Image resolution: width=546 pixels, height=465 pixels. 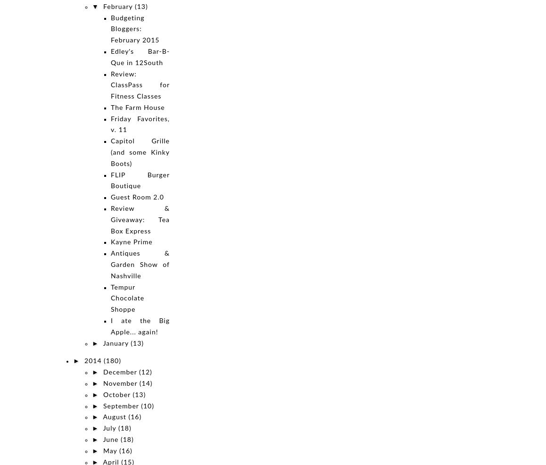 I want to click on 'May', so click(x=111, y=451).